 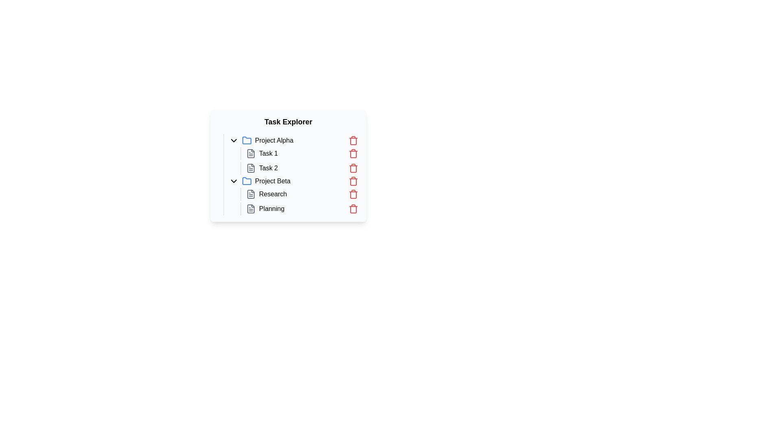 What do you see at coordinates (273, 194) in the screenshot?
I see `the 'Research' text label within the 'Project Beta' task management interface, located below the 'Project Beta' expandable folder` at bounding box center [273, 194].